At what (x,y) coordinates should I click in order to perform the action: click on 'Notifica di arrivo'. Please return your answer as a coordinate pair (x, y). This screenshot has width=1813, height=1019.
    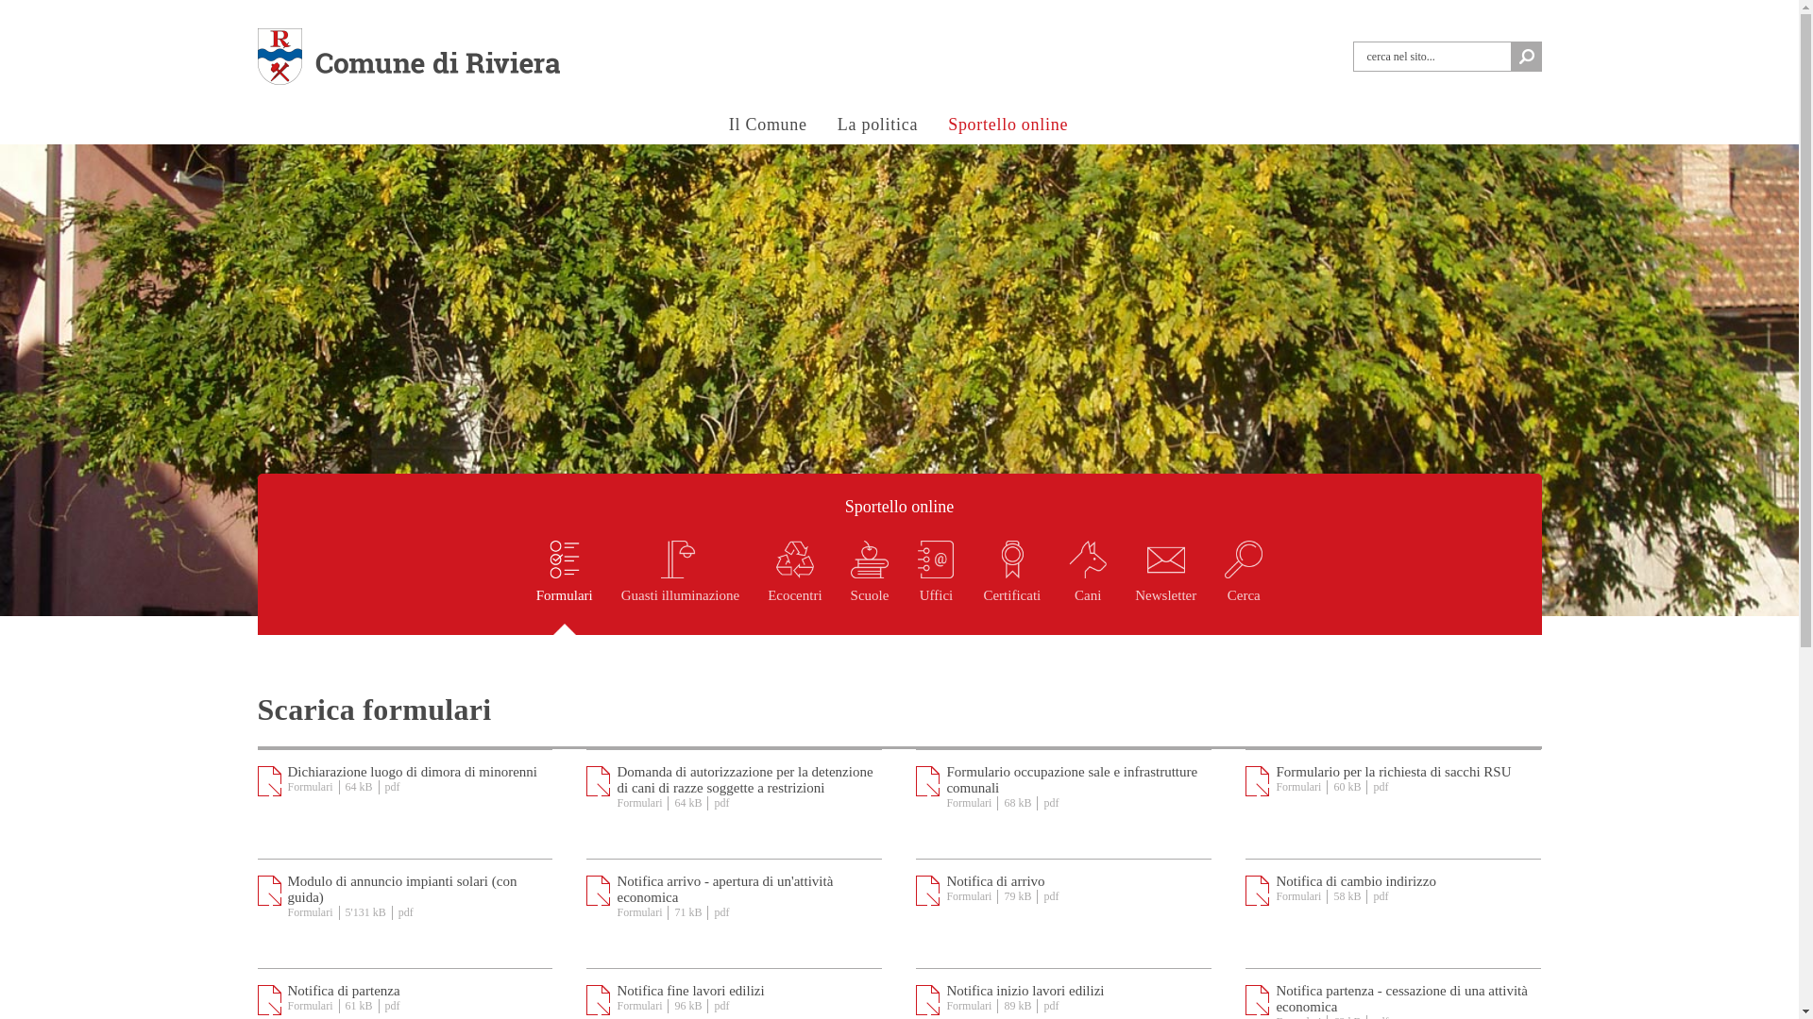
    Looking at the image, I should click on (994, 880).